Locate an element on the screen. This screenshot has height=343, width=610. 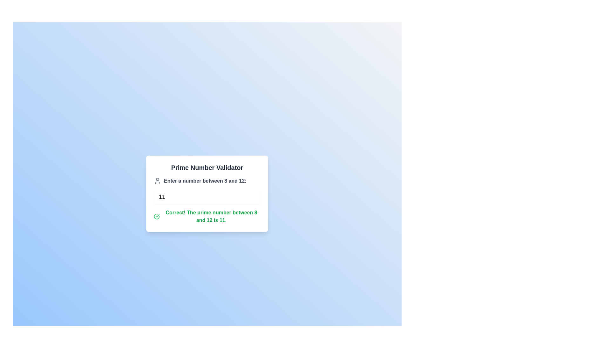
confirmation message displayed in the static text label located in the notification area under the input field, which serves as feedback to the user is located at coordinates (211, 216).